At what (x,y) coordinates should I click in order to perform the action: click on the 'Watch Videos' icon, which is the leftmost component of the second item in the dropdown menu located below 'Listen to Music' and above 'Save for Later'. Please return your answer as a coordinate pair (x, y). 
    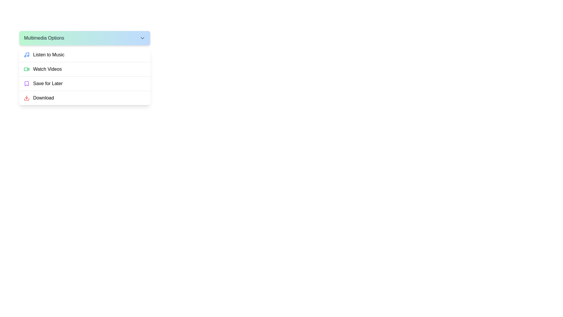
    Looking at the image, I should click on (26, 69).